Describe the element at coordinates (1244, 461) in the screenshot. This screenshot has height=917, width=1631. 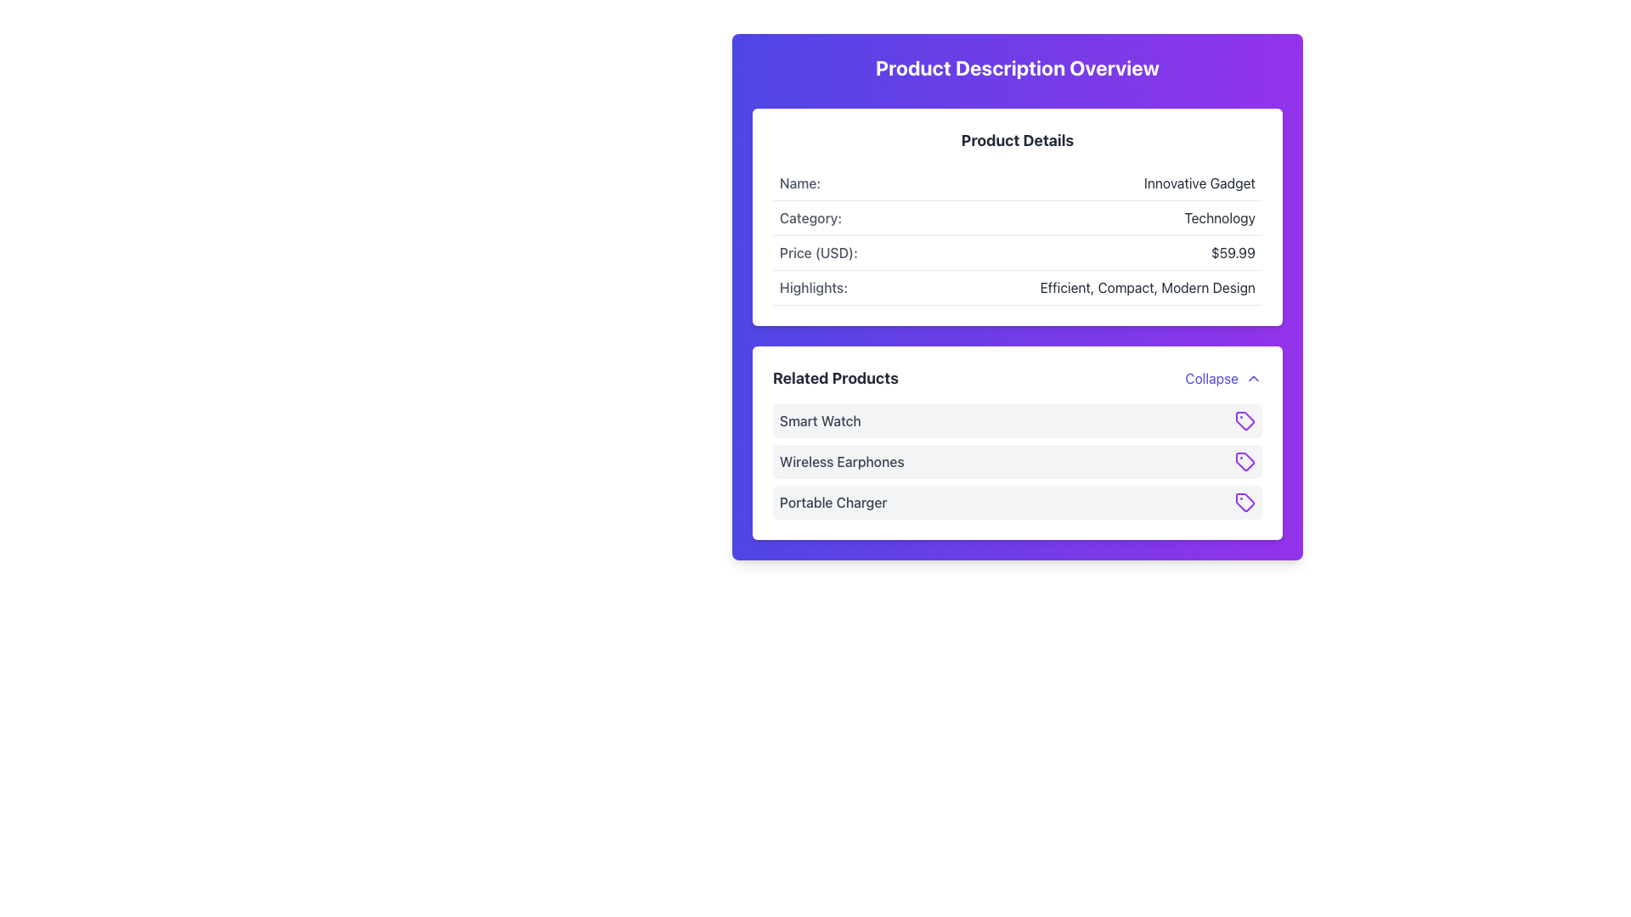
I see `the icon related to 'Wireless Earphones' in the 'Related Products' section` at that location.